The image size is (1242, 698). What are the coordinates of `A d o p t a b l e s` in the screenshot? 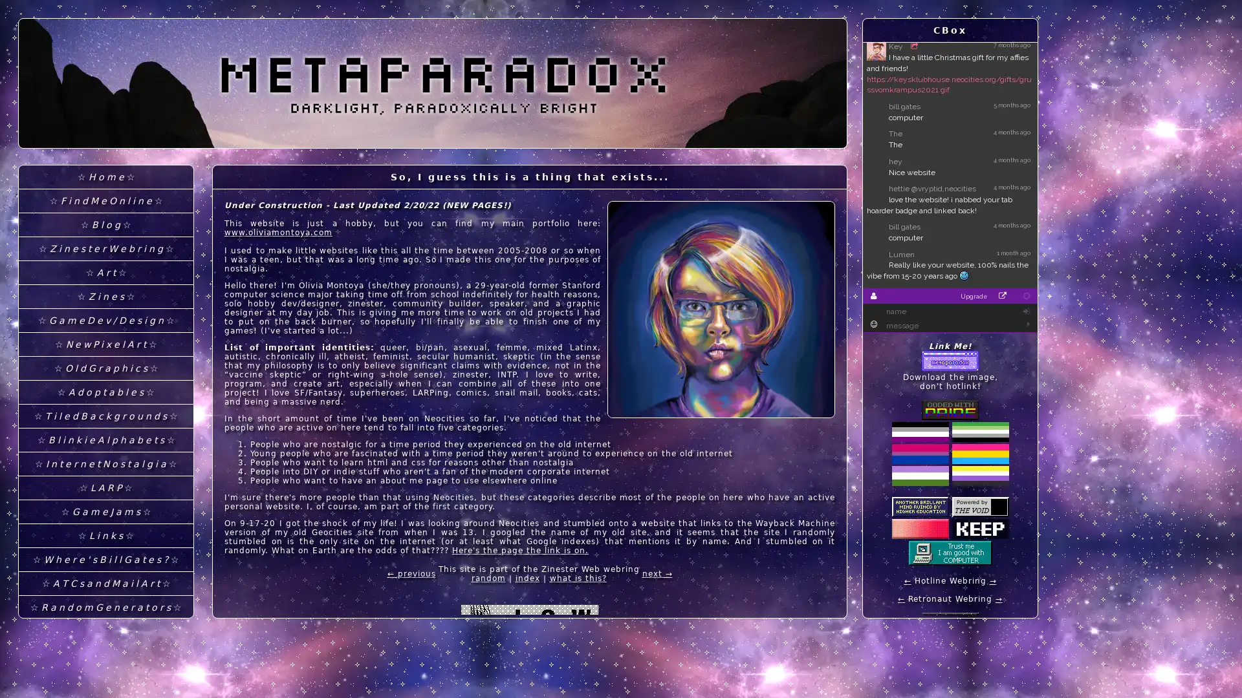 It's located at (105, 392).